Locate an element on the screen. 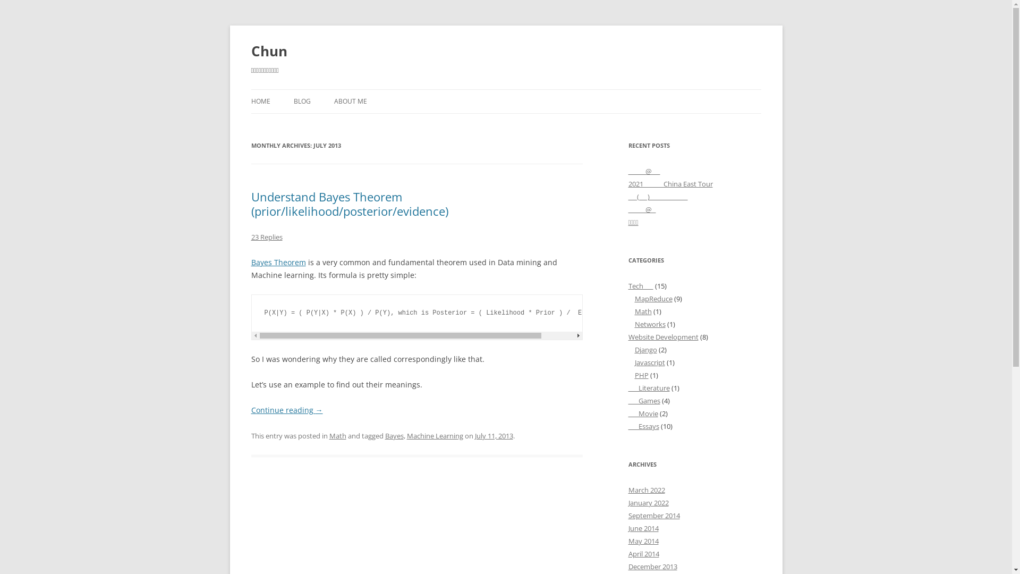  '23 Replies' is located at coordinates (266, 237).